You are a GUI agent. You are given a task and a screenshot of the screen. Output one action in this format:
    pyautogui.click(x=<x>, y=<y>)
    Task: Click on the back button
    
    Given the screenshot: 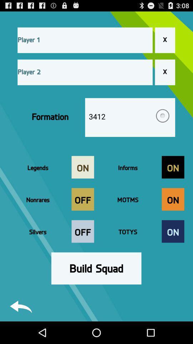 What is the action you would take?
    pyautogui.click(x=21, y=306)
    